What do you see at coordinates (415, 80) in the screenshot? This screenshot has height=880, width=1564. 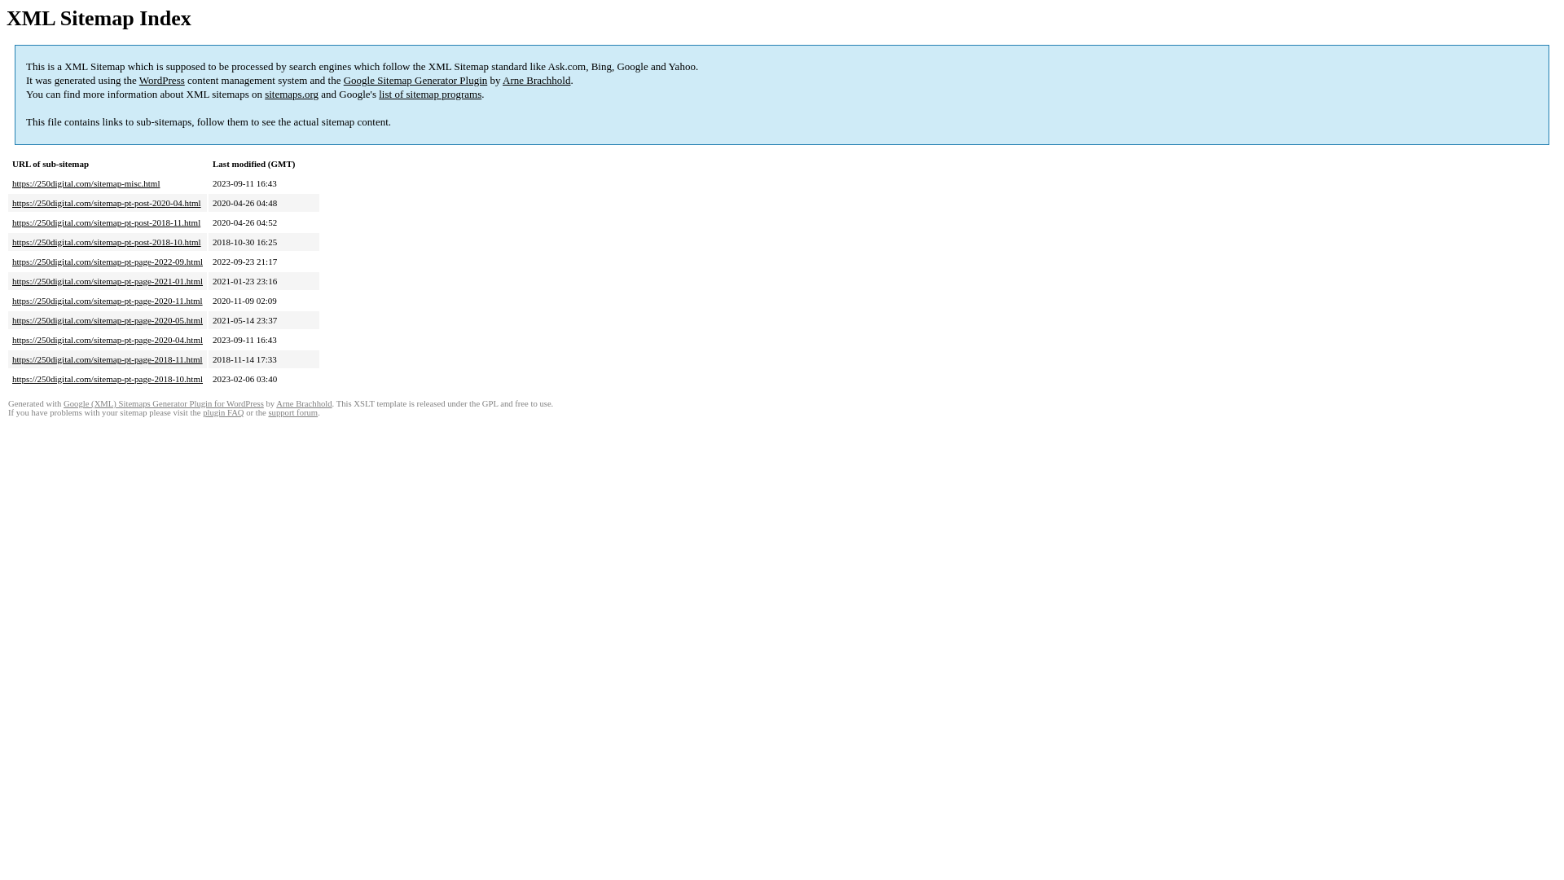 I see `'Google Sitemap Generator Plugin'` at bounding box center [415, 80].